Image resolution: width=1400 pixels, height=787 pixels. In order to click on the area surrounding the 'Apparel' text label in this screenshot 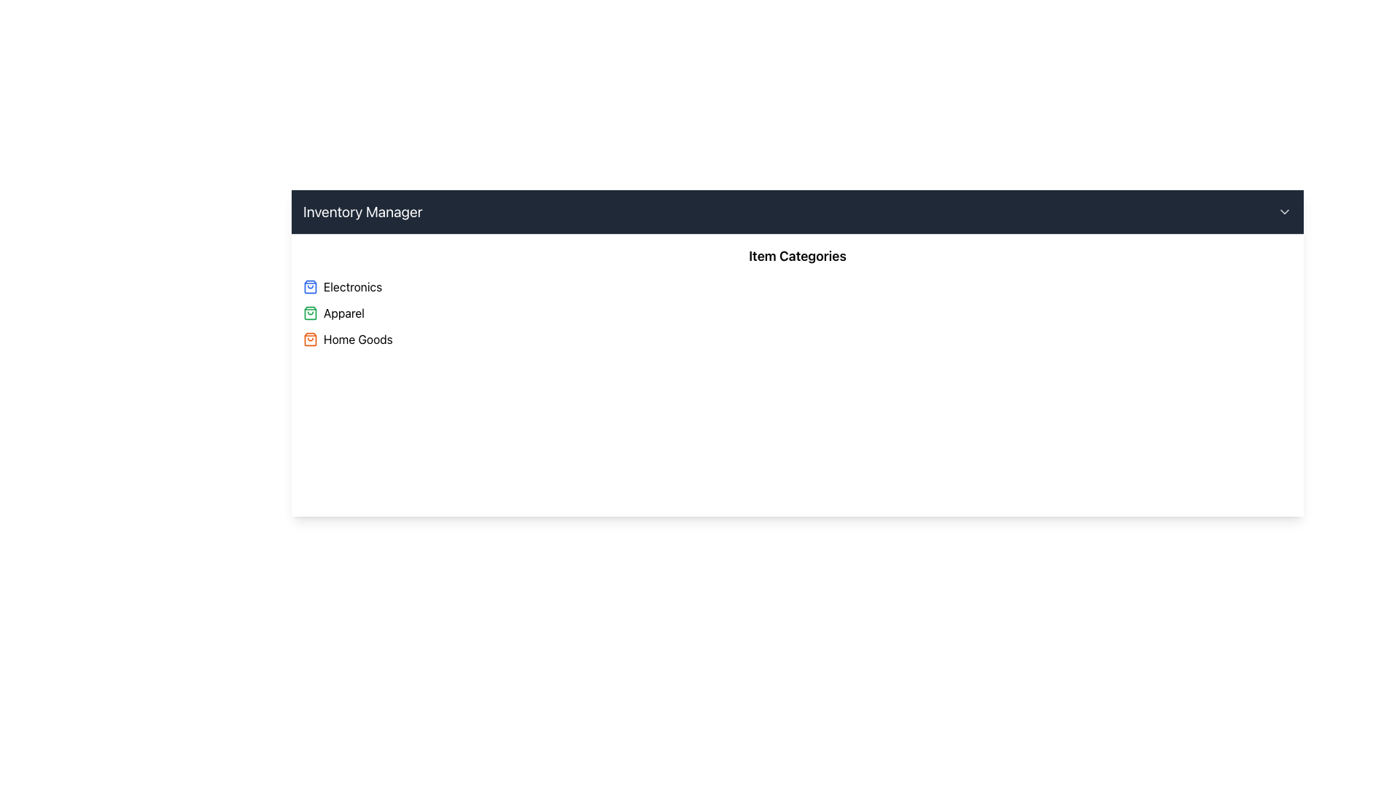, I will do `click(343, 312)`.